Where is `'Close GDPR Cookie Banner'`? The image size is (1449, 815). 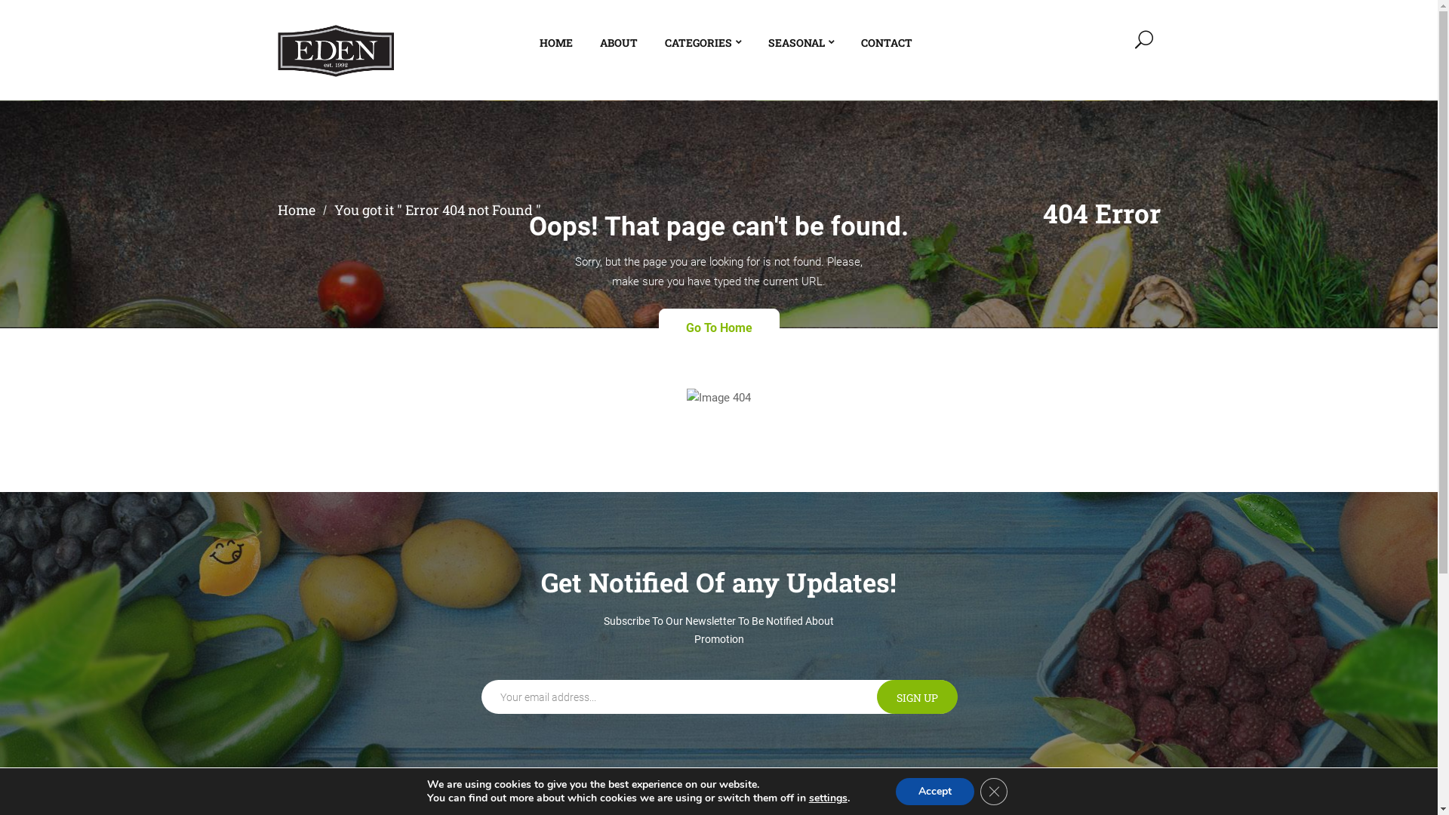 'Close GDPR Cookie Banner' is located at coordinates (993, 791).